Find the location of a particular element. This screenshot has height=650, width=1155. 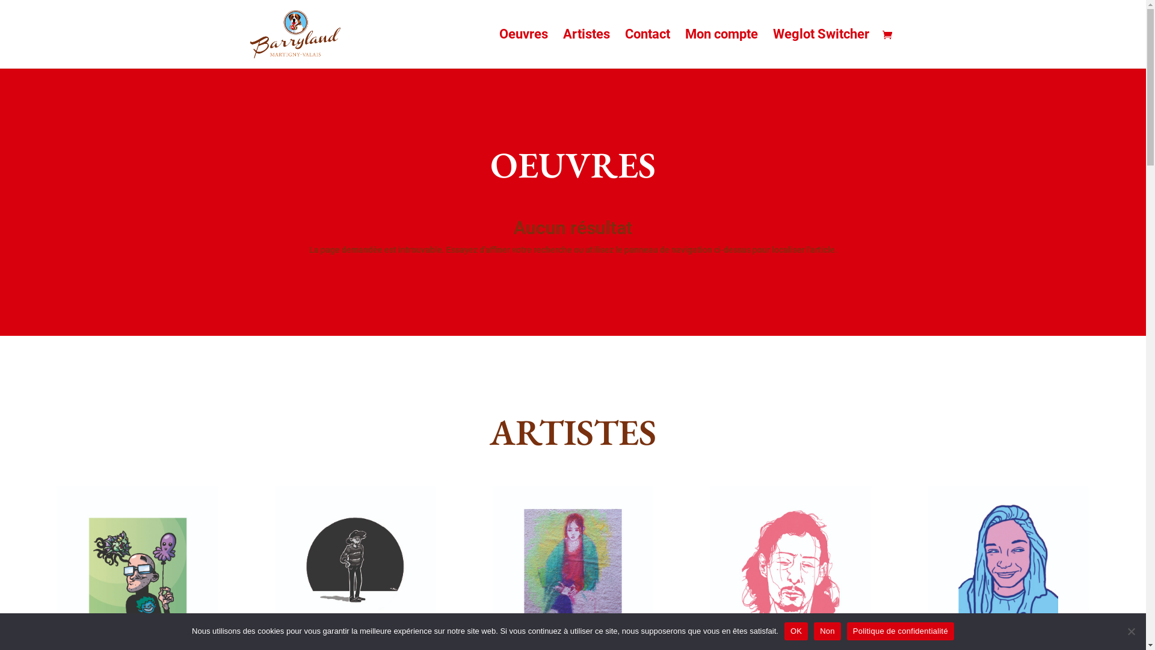

'Mon compte' is located at coordinates (684, 48).